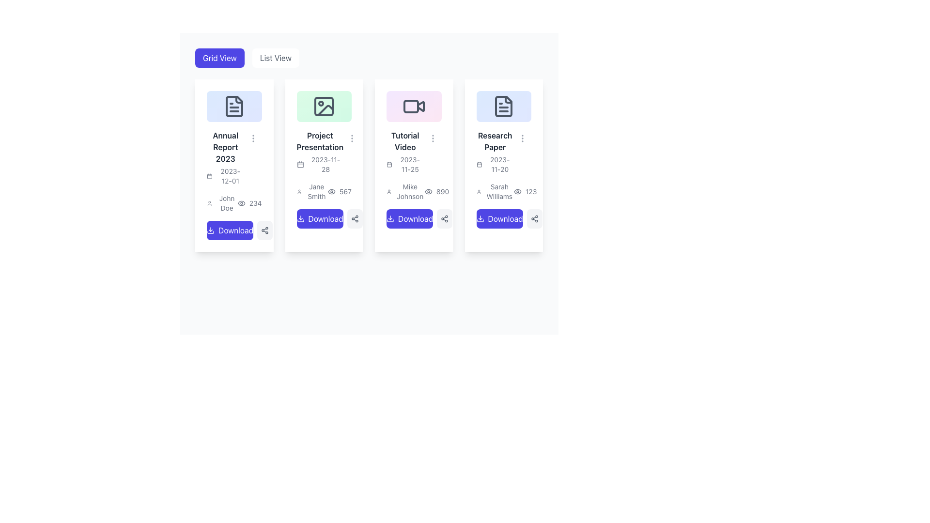  What do you see at coordinates (324, 218) in the screenshot?
I see `the second 'Download' button with a purple background and white text located at the bottom of the 'Project Presentation' card to initiate the download` at bounding box center [324, 218].